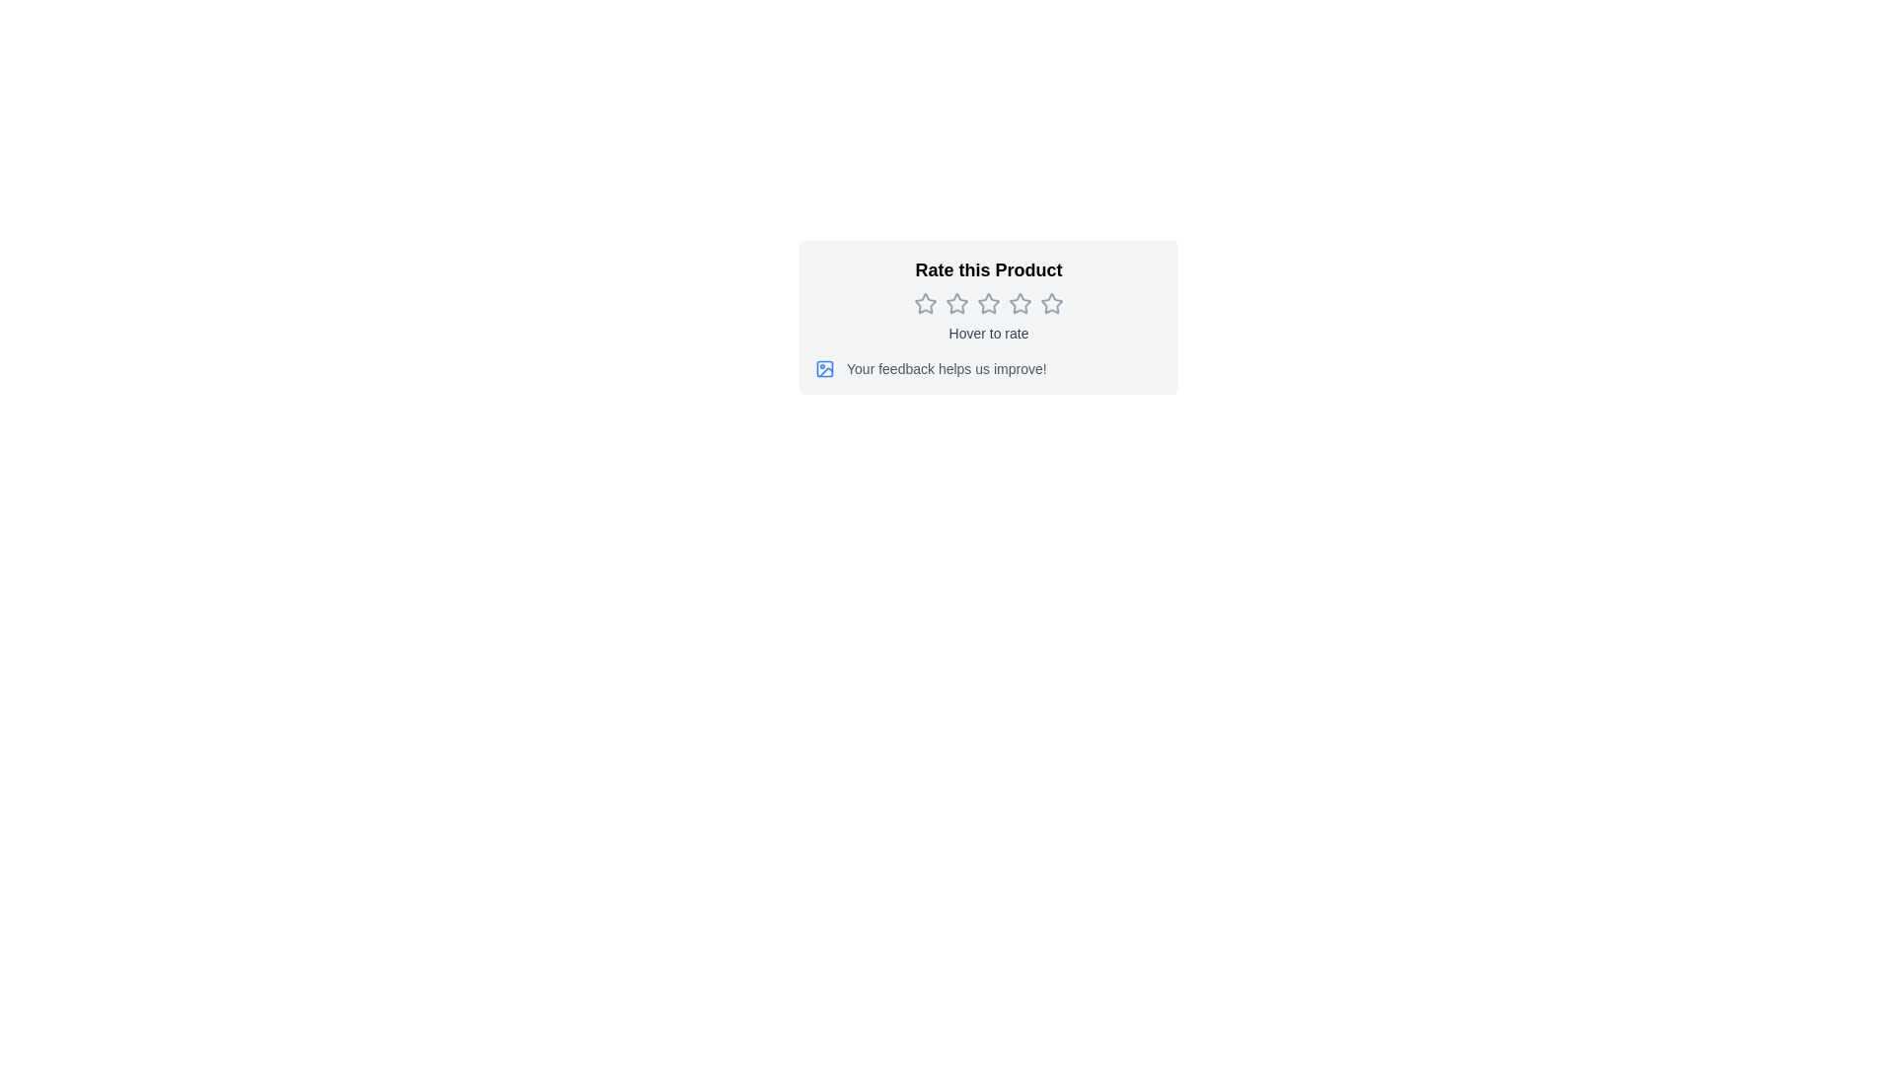 This screenshot has height=1066, width=1895. I want to click on the interactive text 'Your feedback helps us improve!' which is located below the 'Hover to rate' text in the 'Rate this Product' section, so click(989, 369).